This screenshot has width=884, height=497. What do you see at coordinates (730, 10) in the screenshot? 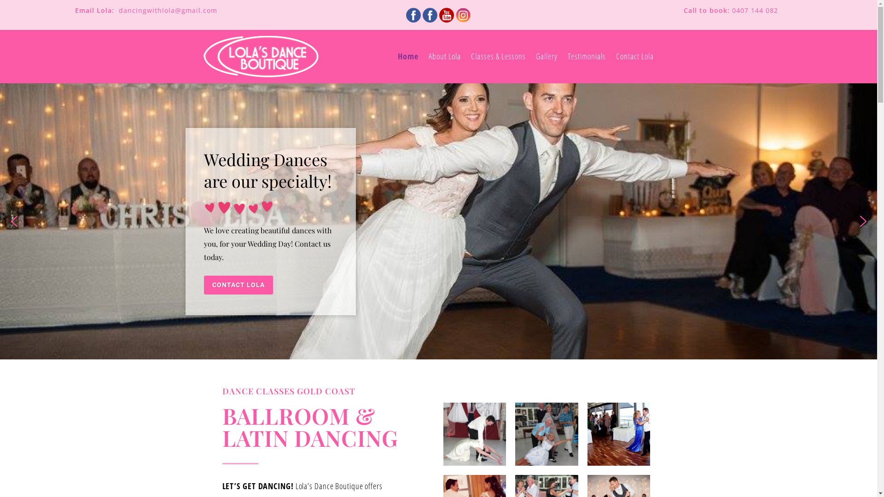
I see `'Call to book: 0407 144 082'` at bounding box center [730, 10].